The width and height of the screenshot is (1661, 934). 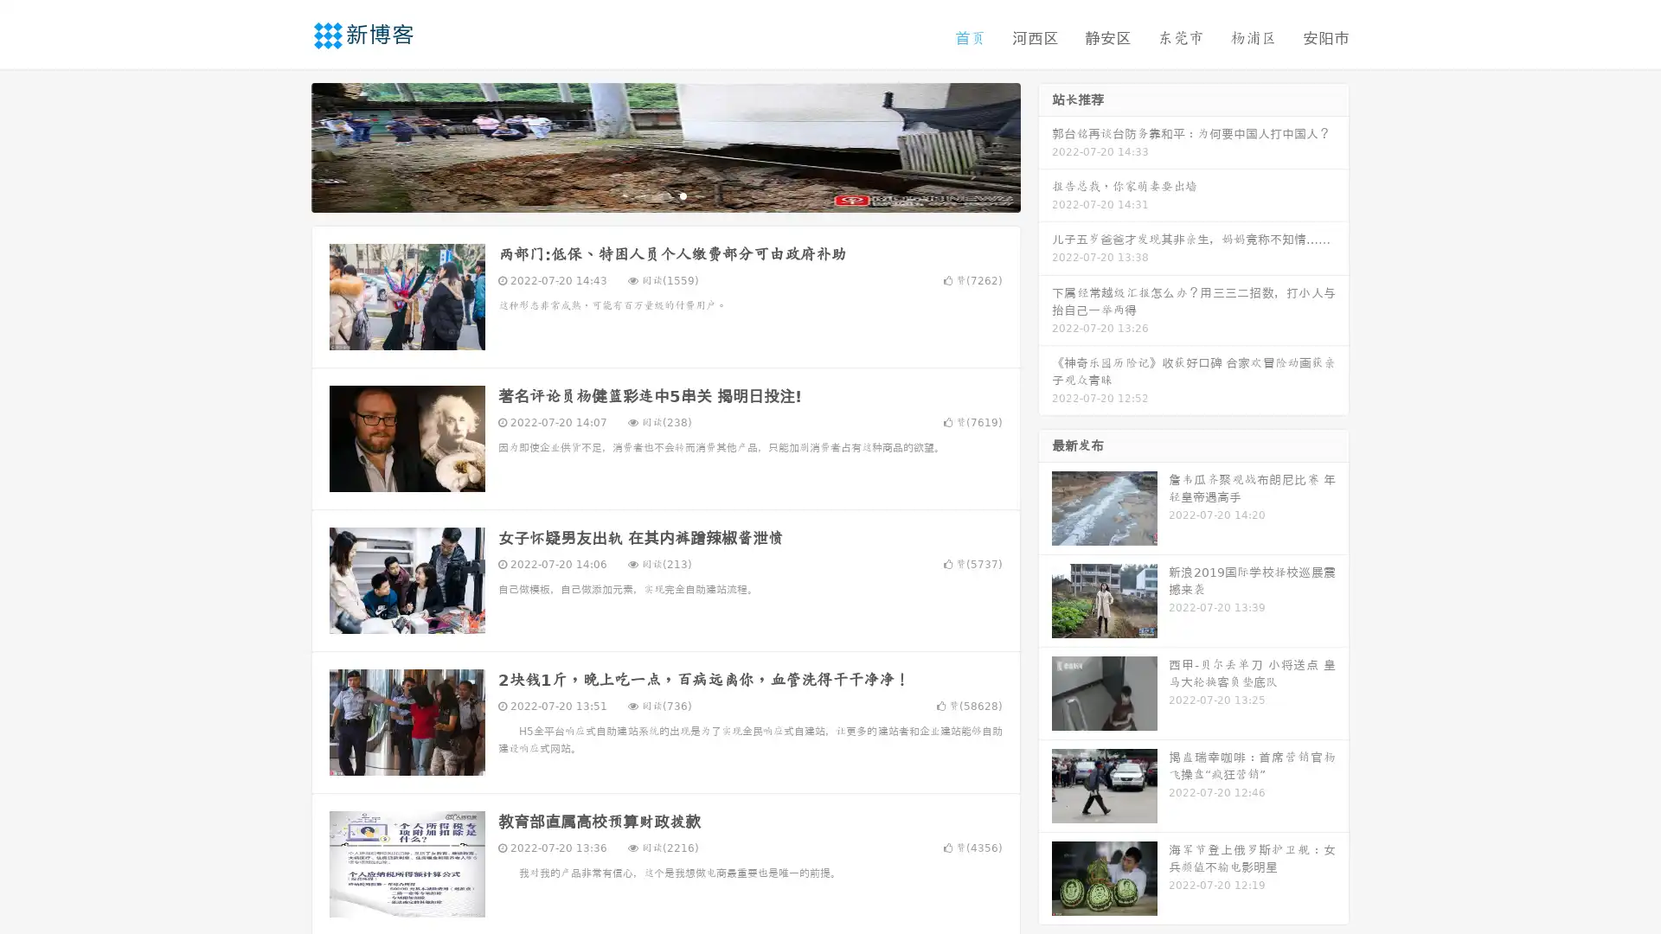 I want to click on Go to slide 2, so click(x=664, y=195).